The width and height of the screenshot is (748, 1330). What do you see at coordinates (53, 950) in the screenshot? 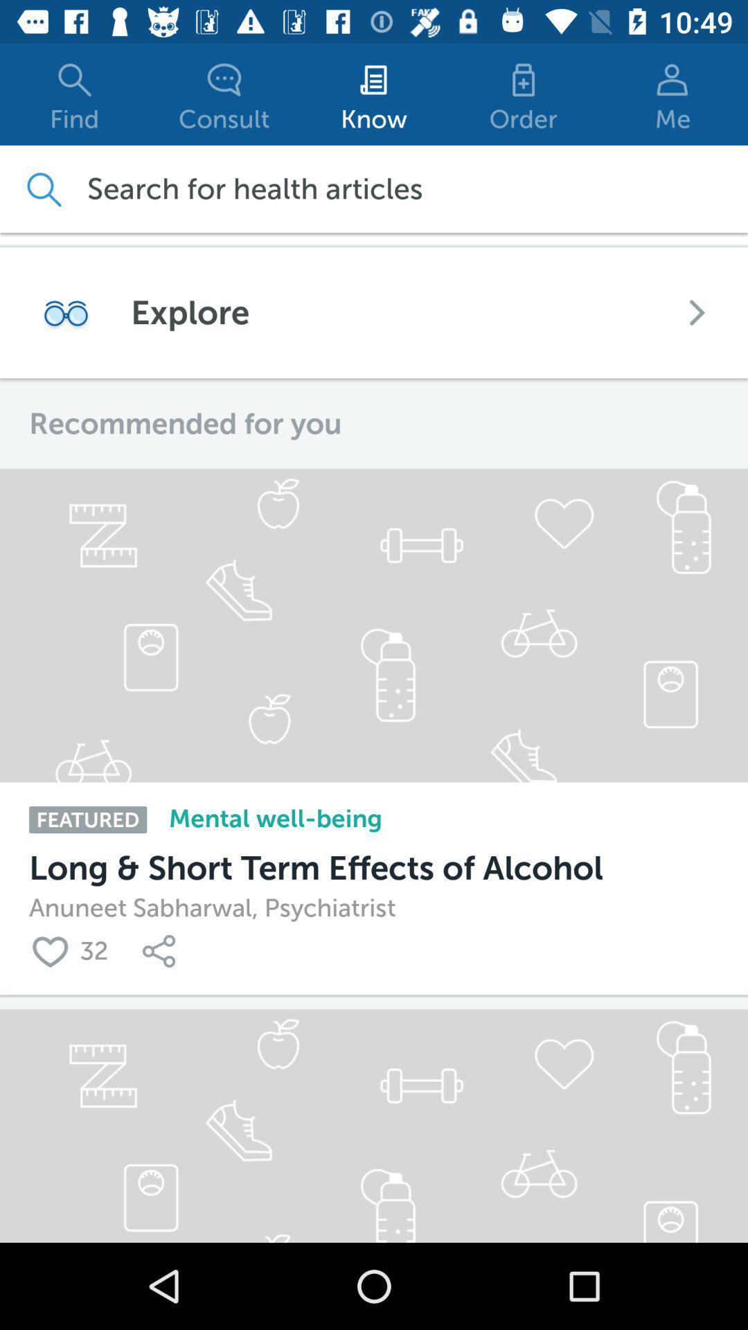
I see `like the article` at bounding box center [53, 950].